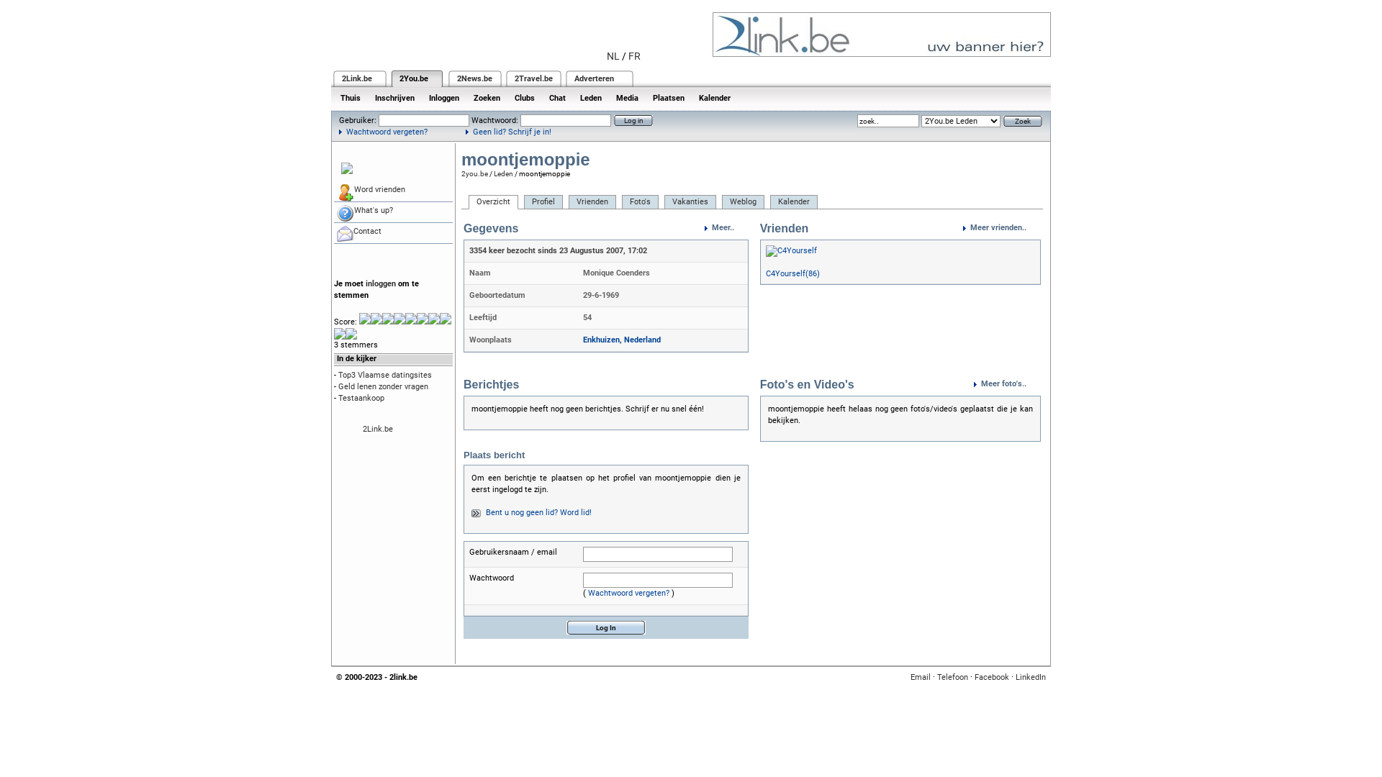  Describe the element at coordinates (583, 340) in the screenshot. I see `'Enkhuizen, Nederland'` at that location.